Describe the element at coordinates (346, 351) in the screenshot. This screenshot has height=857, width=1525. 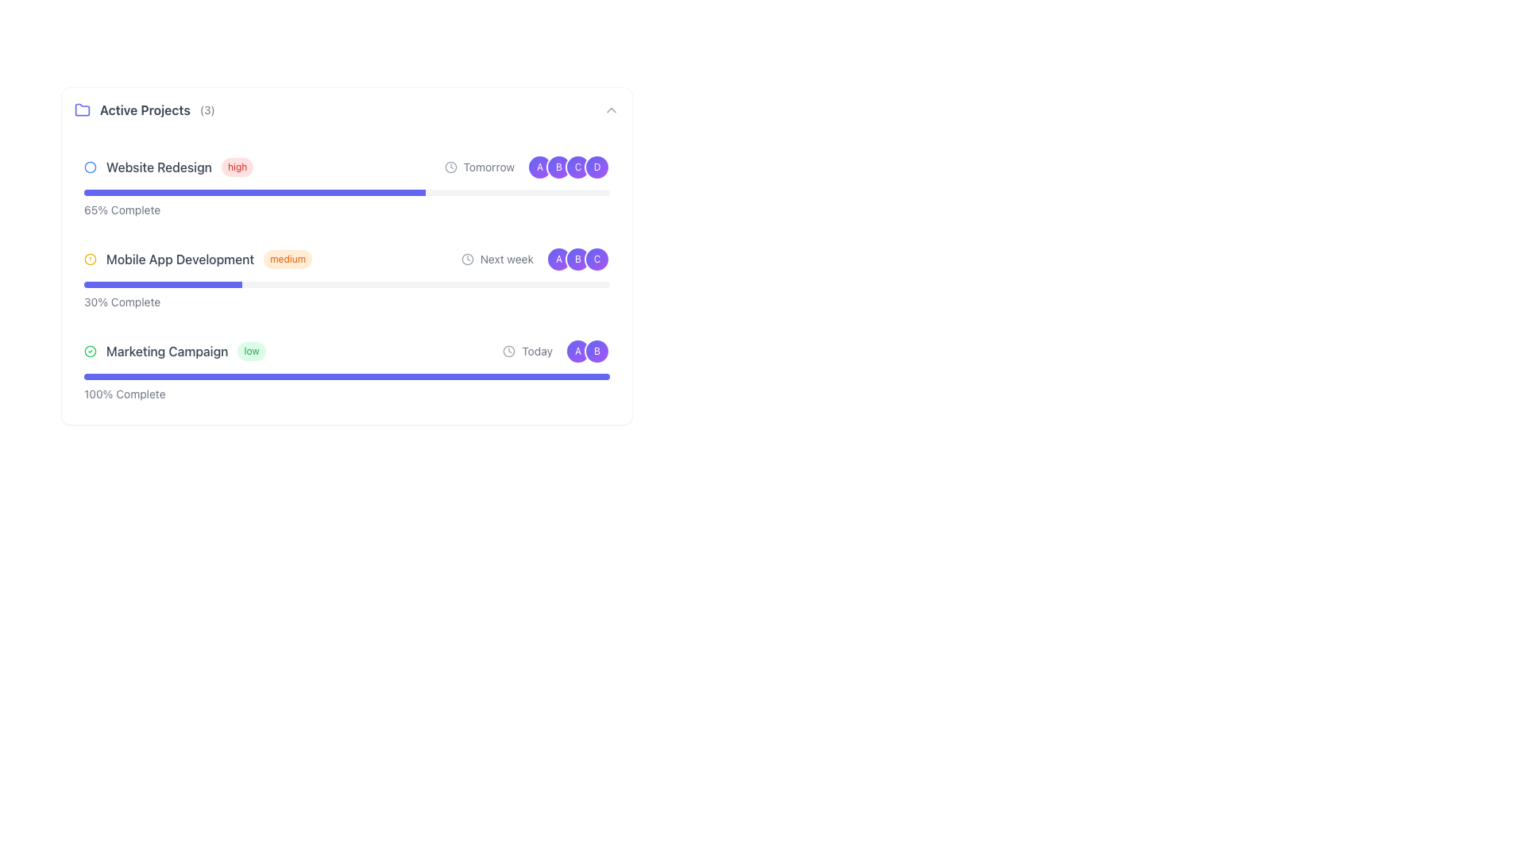
I see `the 'Marketing Campaign' project card in the 'Active Projects' section, which is the third row in the list and contains details about a low-priority project scheduled for today with participants 'A' and 'B'` at that location.